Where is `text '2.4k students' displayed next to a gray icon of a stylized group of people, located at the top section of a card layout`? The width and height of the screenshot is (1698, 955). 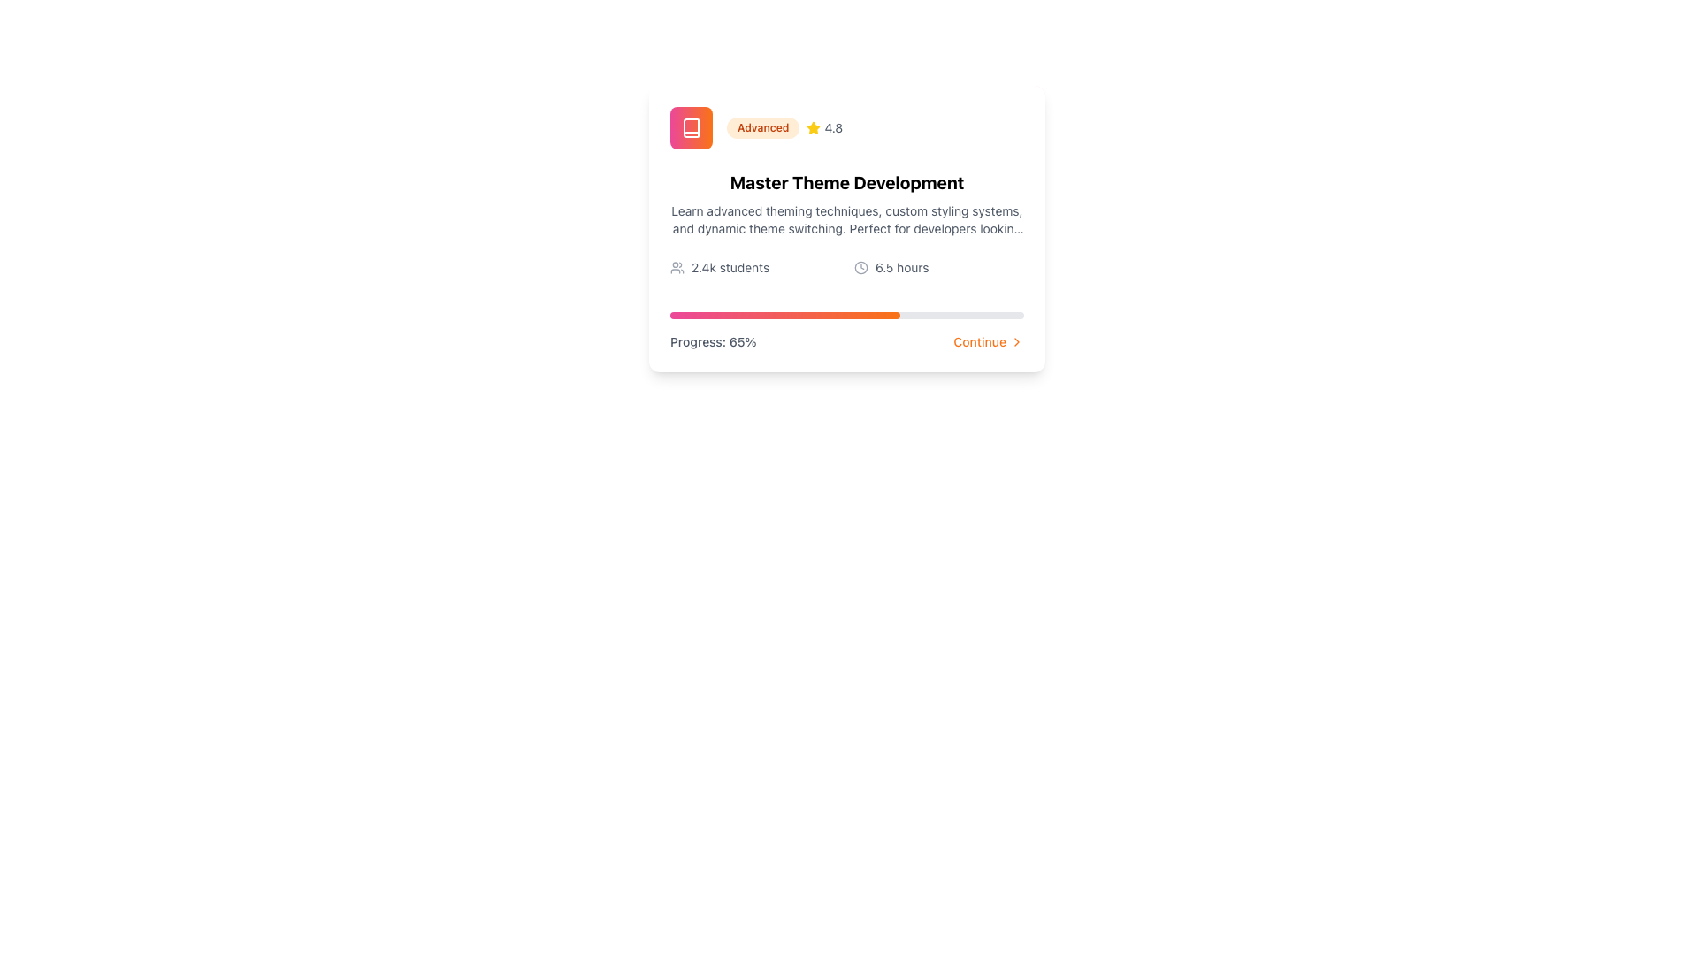
text '2.4k students' displayed next to a gray icon of a stylized group of people, located at the top section of a card layout is located at coordinates (755, 268).